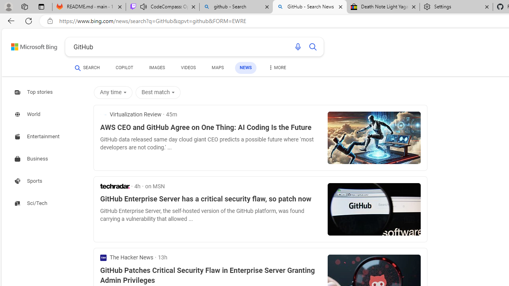 Image resolution: width=509 pixels, height=286 pixels. I want to click on 'Mute tab', so click(143, 6).